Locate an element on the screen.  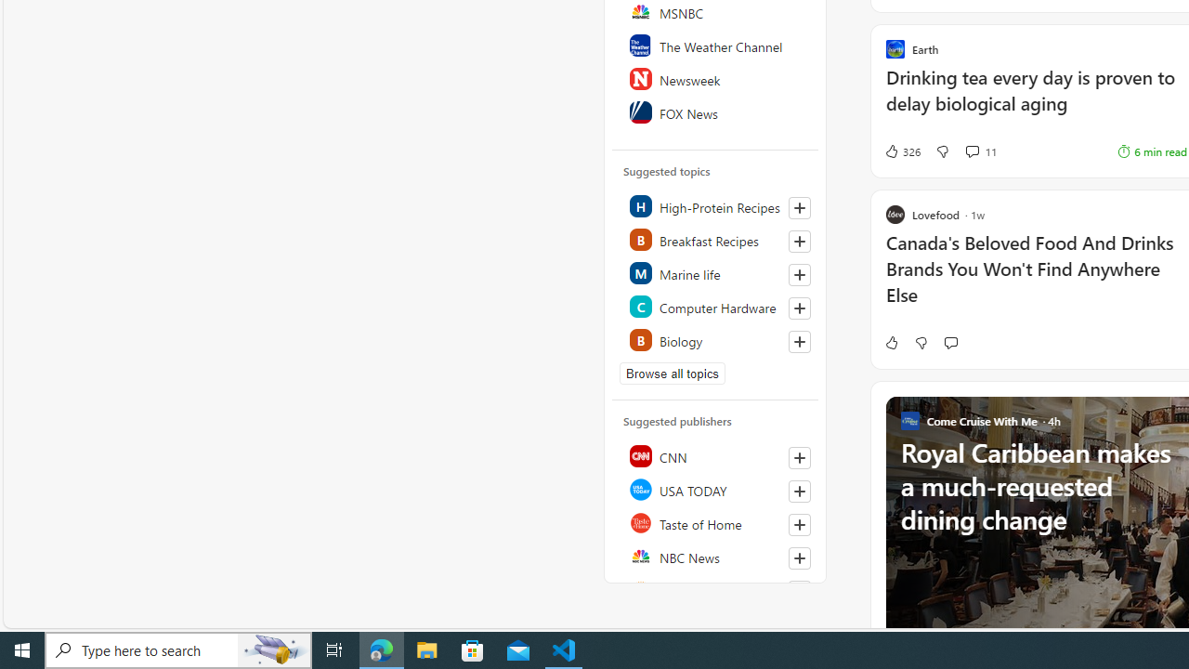
'NBC News' is located at coordinates (715, 556).